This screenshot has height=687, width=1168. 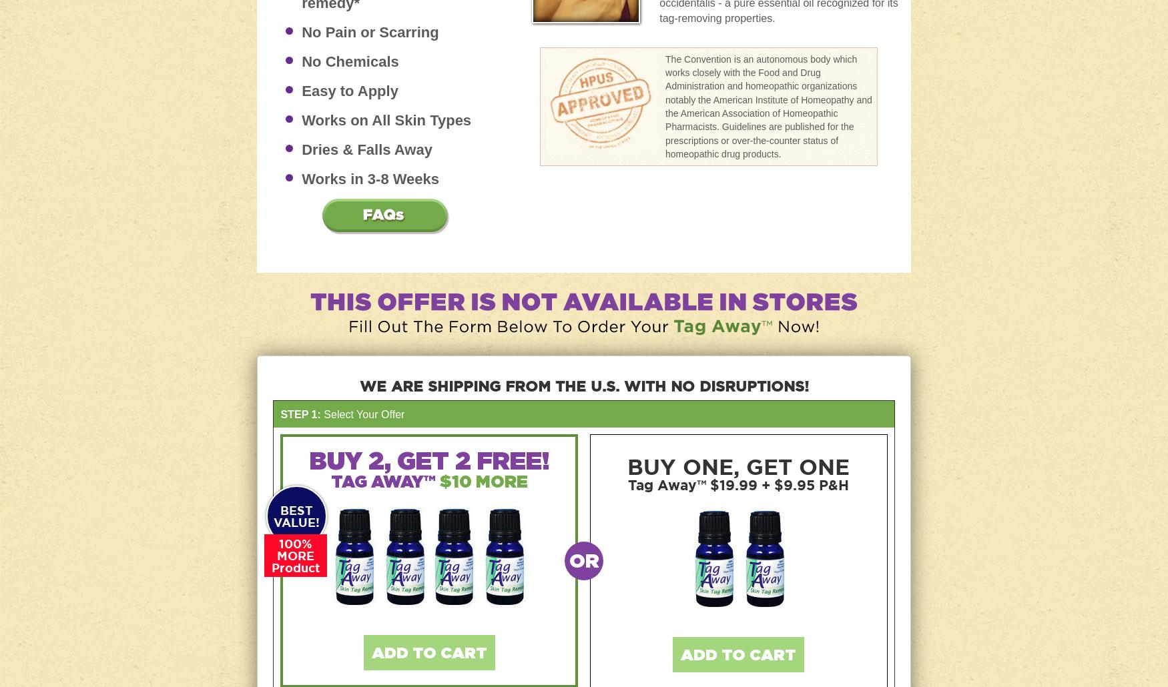 I want to click on 'Dries & Falls Away', so click(x=302, y=149).